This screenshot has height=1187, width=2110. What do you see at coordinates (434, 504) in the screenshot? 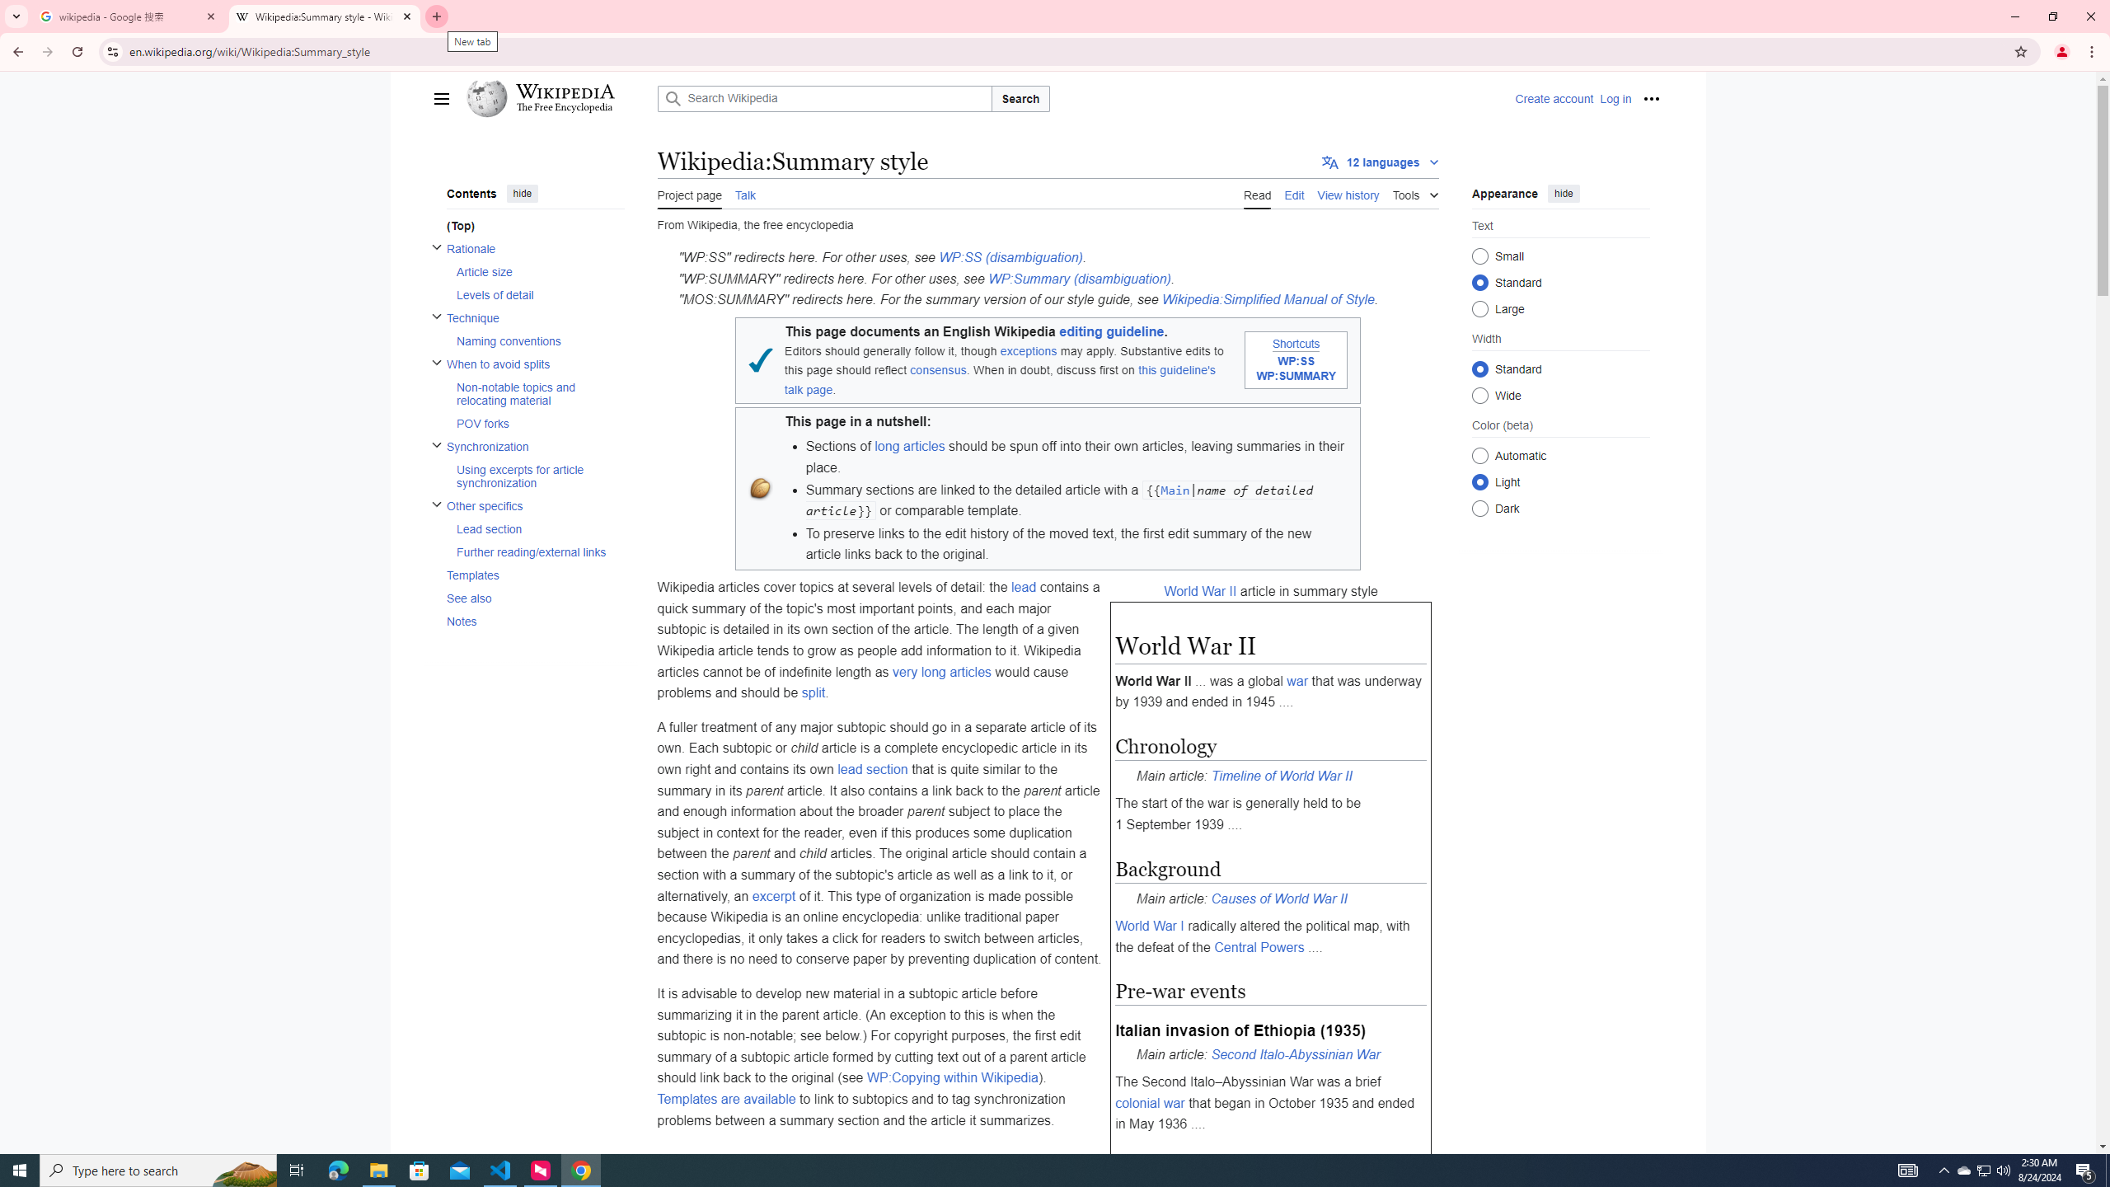
I see `'Toggle Other specifics subsection'` at bounding box center [434, 504].